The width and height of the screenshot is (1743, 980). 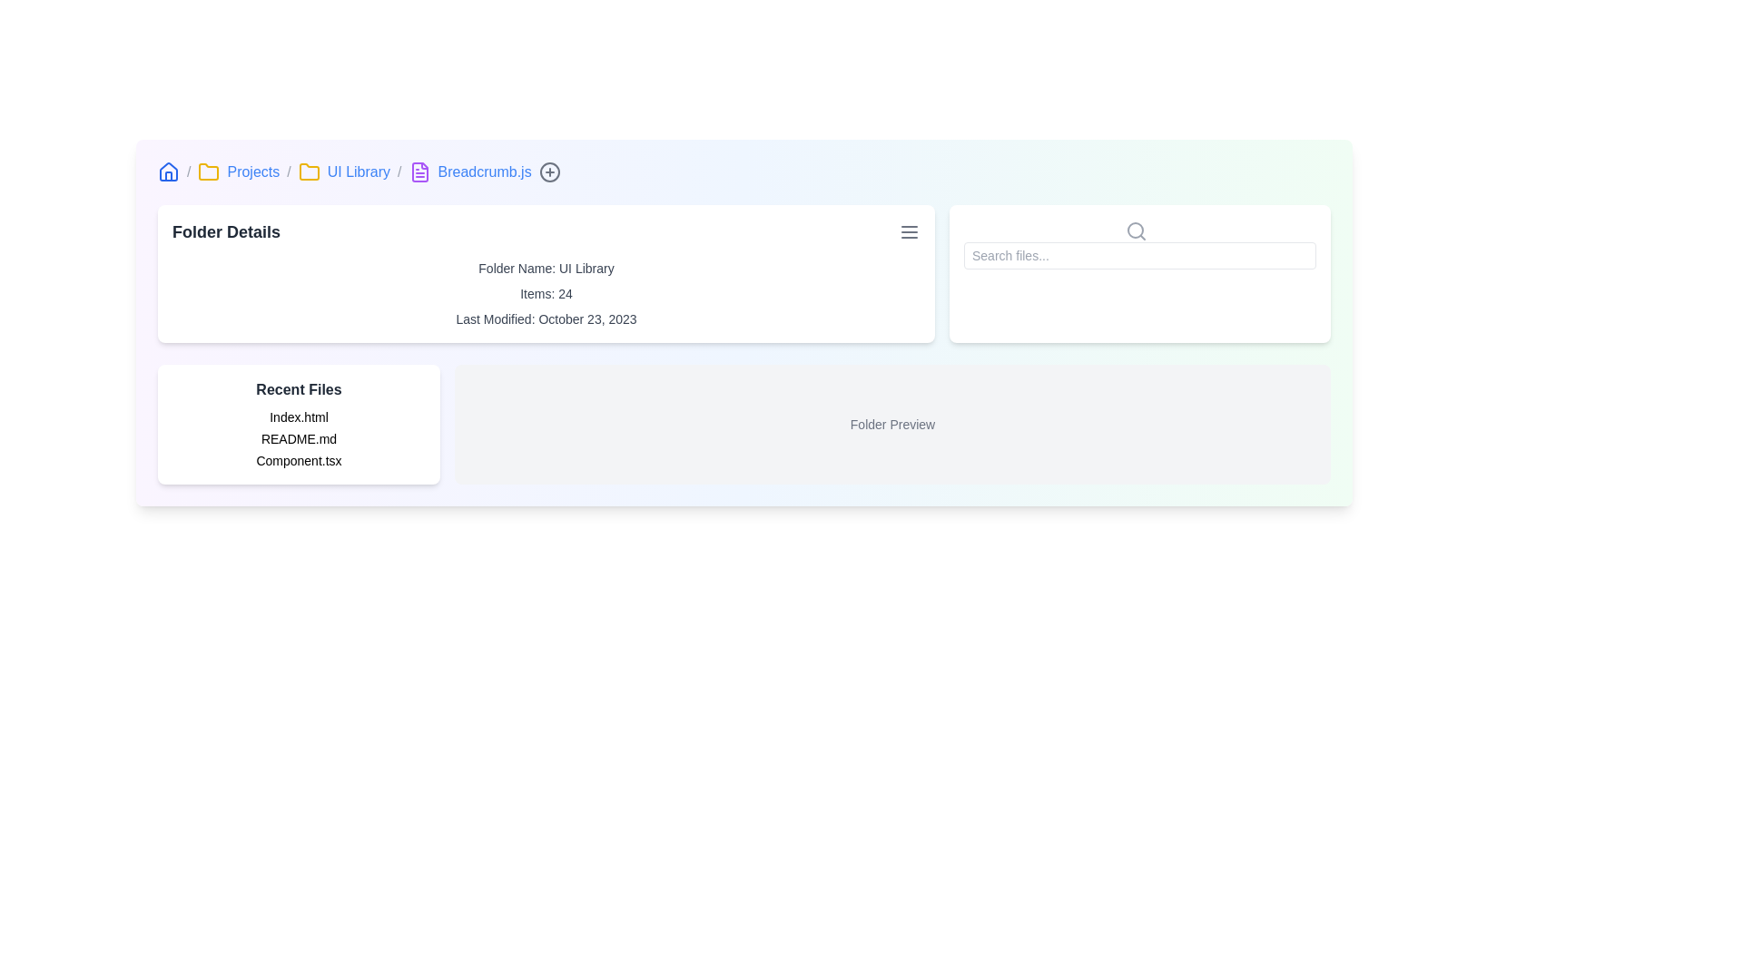 What do you see at coordinates (548, 171) in the screenshot?
I see `the button located at the end of the breadcrumb navigation bar, which is used for adding new elements or initiating a creation action related to the current context` at bounding box center [548, 171].